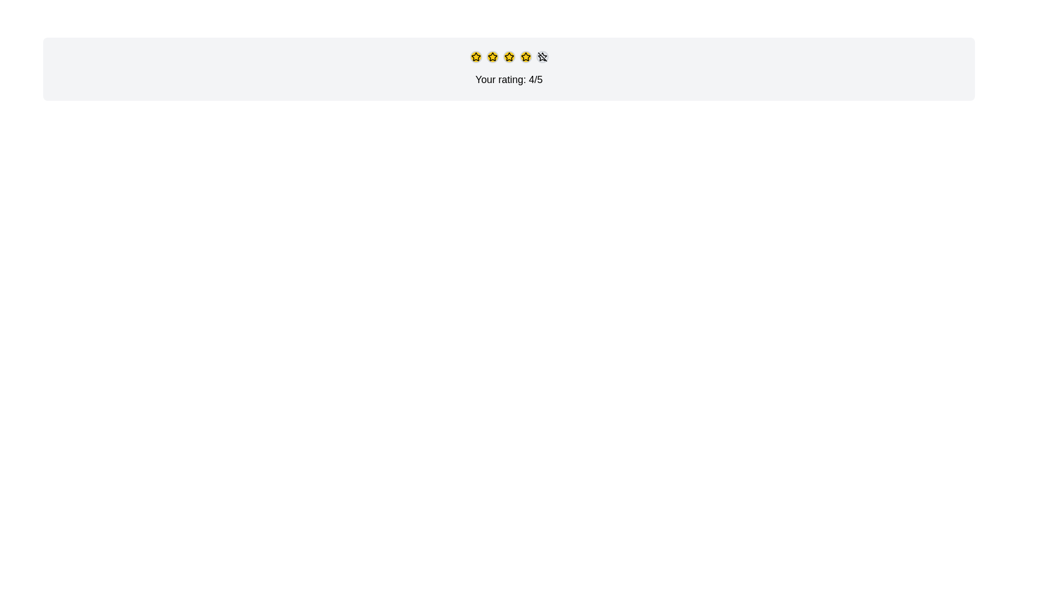  What do you see at coordinates (476, 57) in the screenshot?
I see `the star-shaped button with a yellow background located at the top center of the interface` at bounding box center [476, 57].